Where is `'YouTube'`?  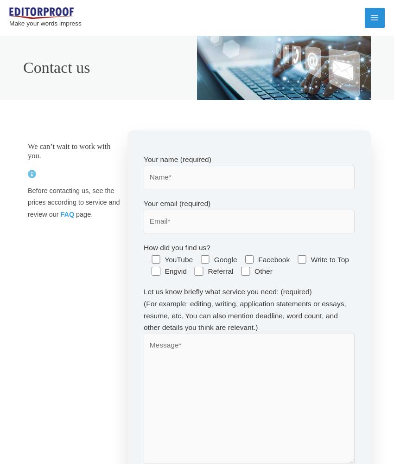
'YouTube' is located at coordinates (178, 259).